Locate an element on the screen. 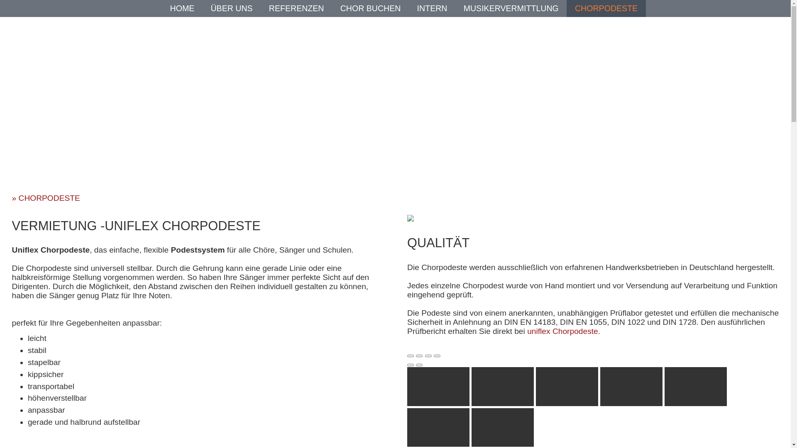  'Zoom in/out' is located at coordinates (436, 355).